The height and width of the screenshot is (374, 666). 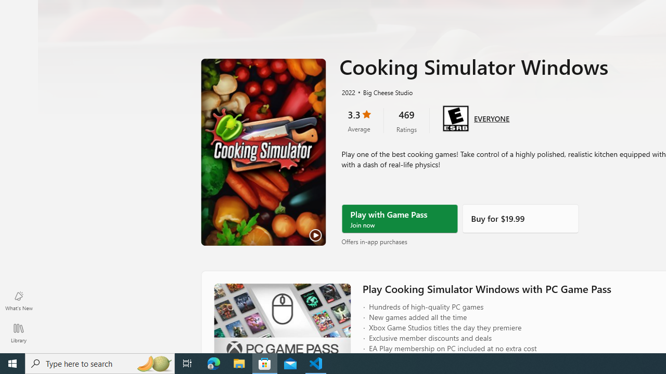 What do you see at coordinates (348, 91) in the screenshot?
I see `'2022'` at bounding box center [348, 91].